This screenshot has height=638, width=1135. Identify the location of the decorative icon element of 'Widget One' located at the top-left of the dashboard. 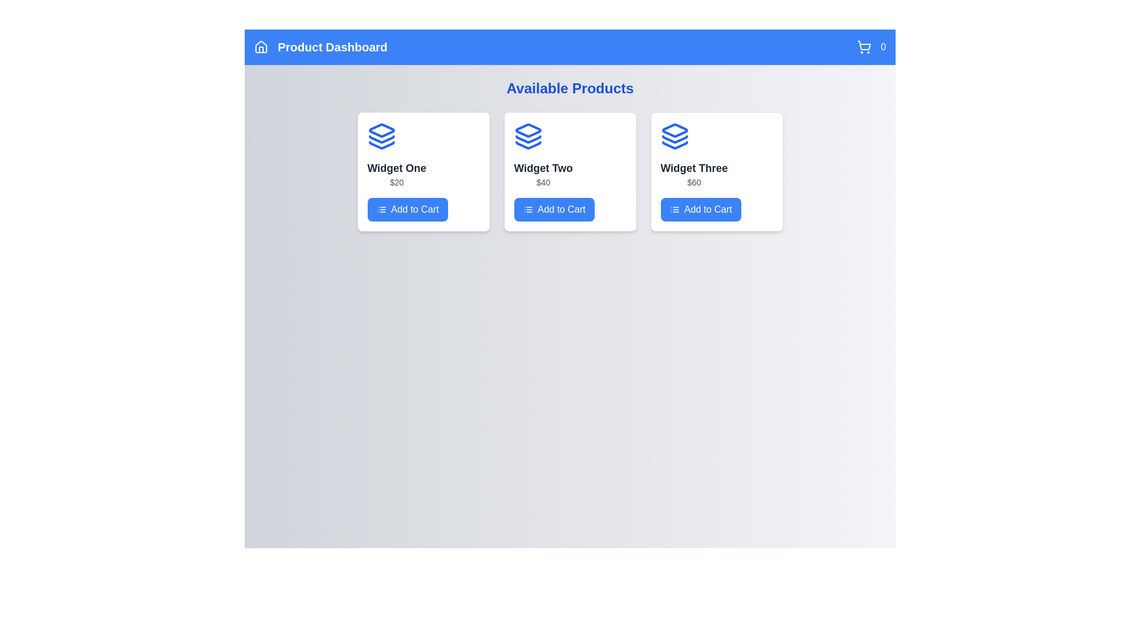
(381, 130).